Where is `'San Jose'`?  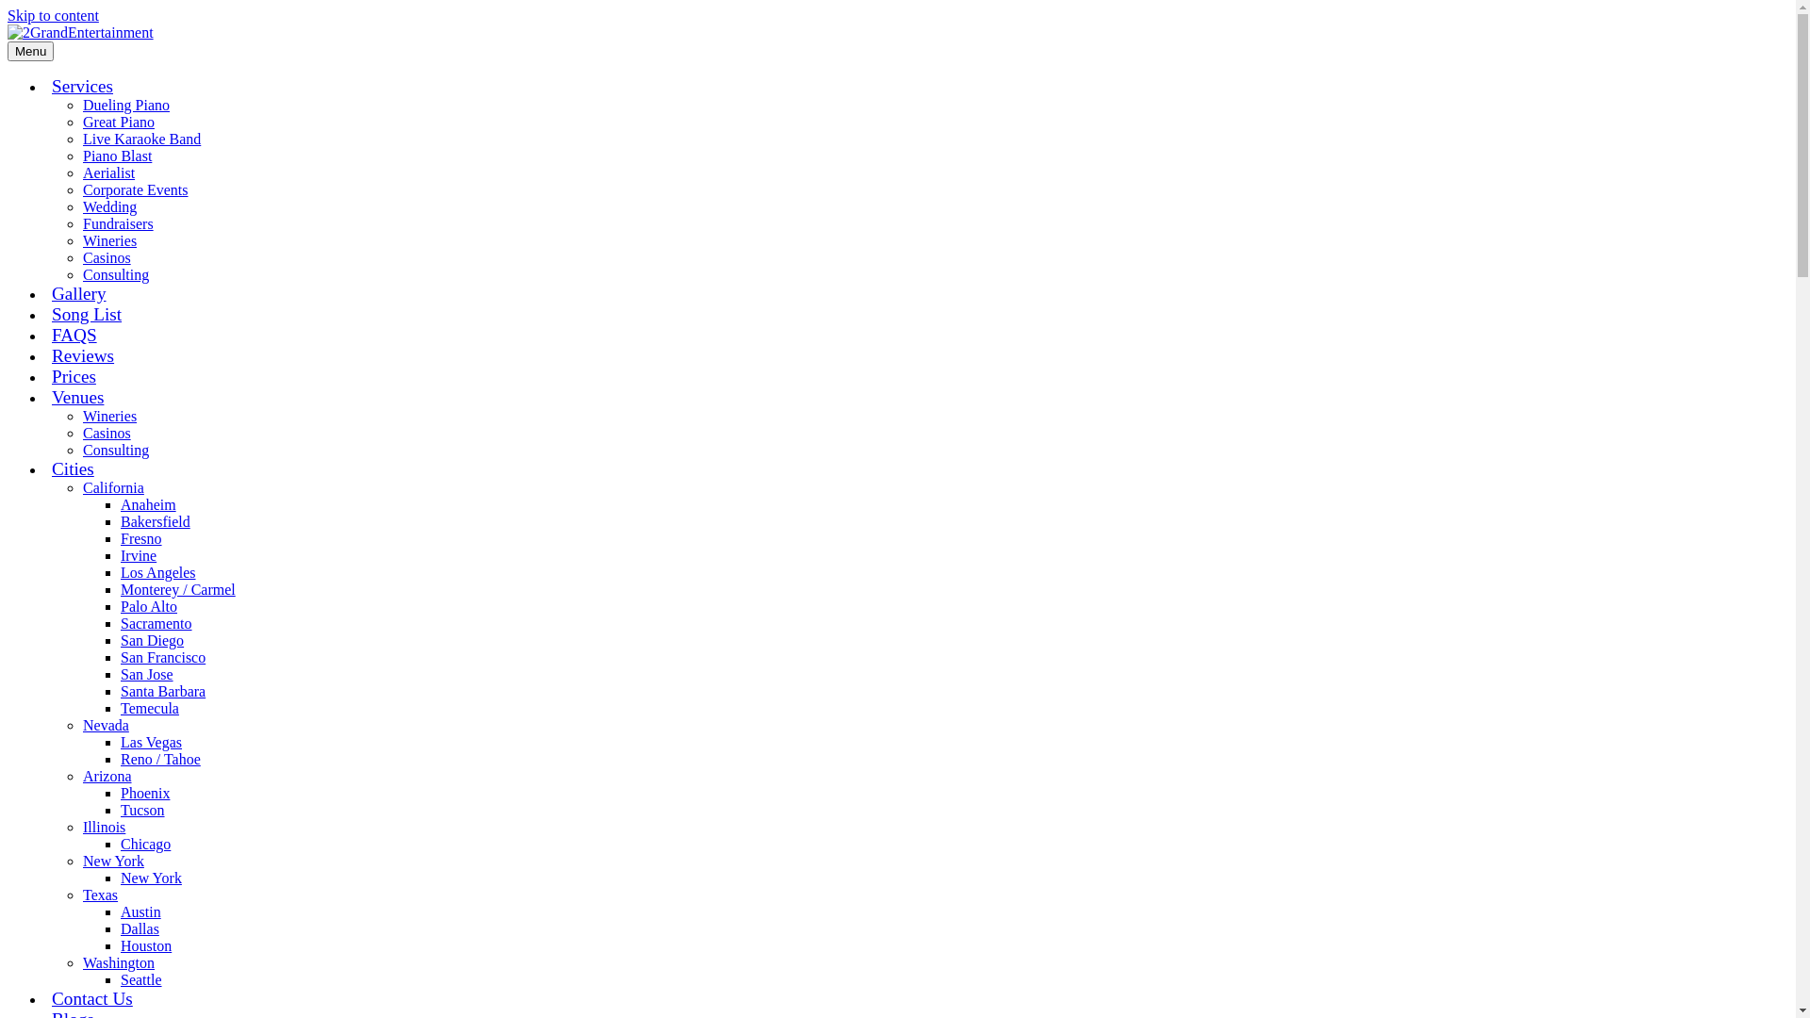
'San Jose' is located at coordinates (146, 673).